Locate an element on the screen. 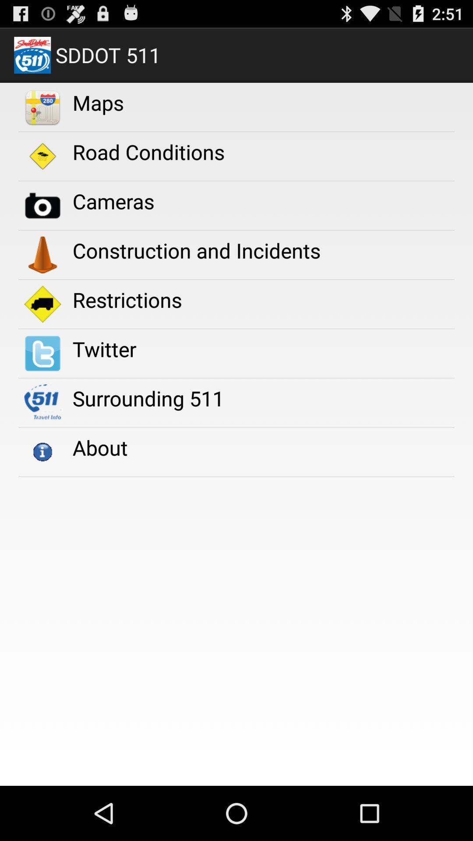 This screenshot has height=841, width=473. surrounding 511 icon is located at coordinates (148, 398).